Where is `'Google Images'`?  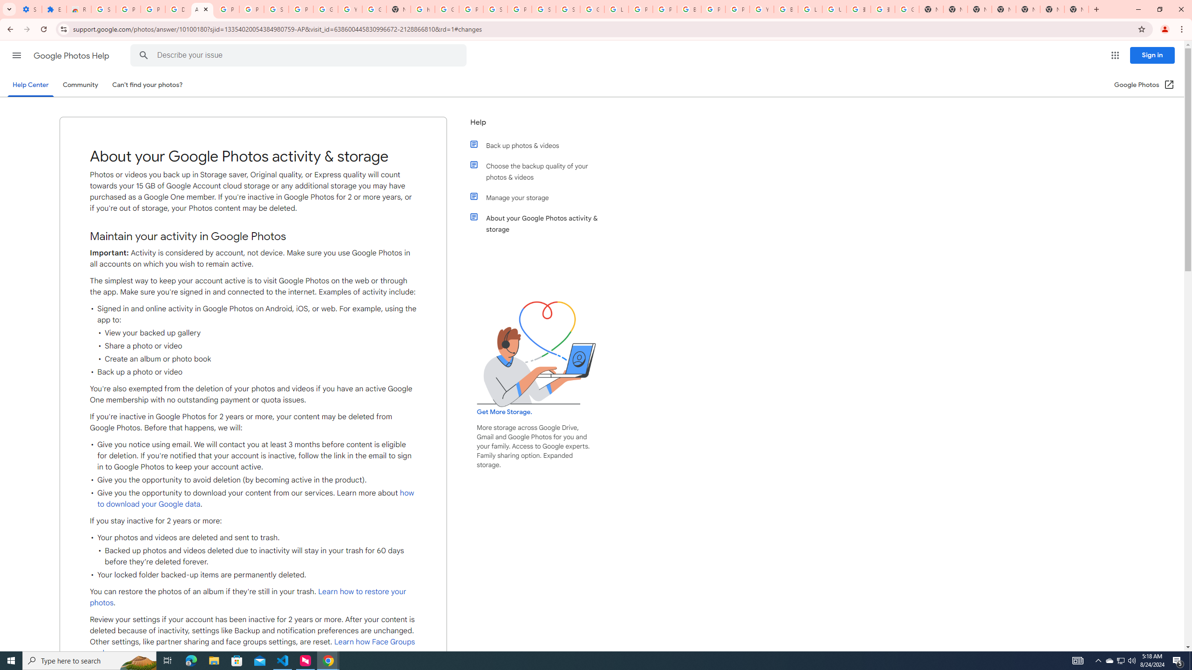 'Google Images' is located at coordinates (907, 9).